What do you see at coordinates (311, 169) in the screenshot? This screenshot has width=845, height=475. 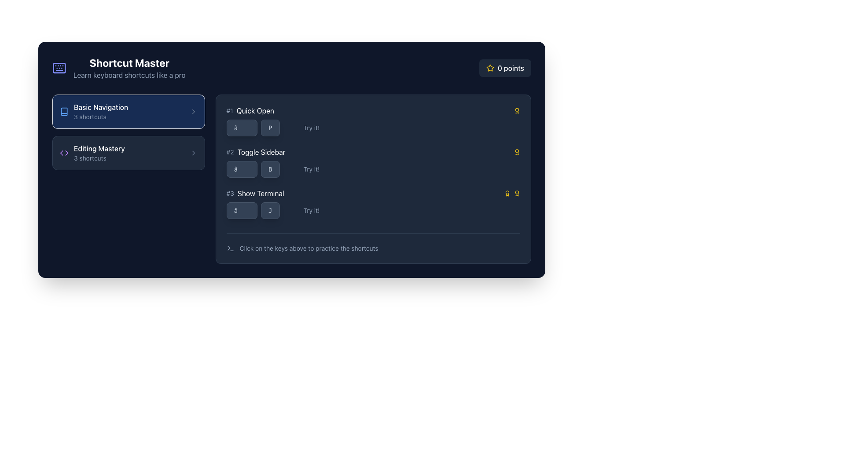 I see `the static text label that displays 'Try it!' in slate gray color, located under the 'Toggle Sidebar' section, positioned to the right of the shortcuts 'á' and 'B'` at bounding box center [311, 169].